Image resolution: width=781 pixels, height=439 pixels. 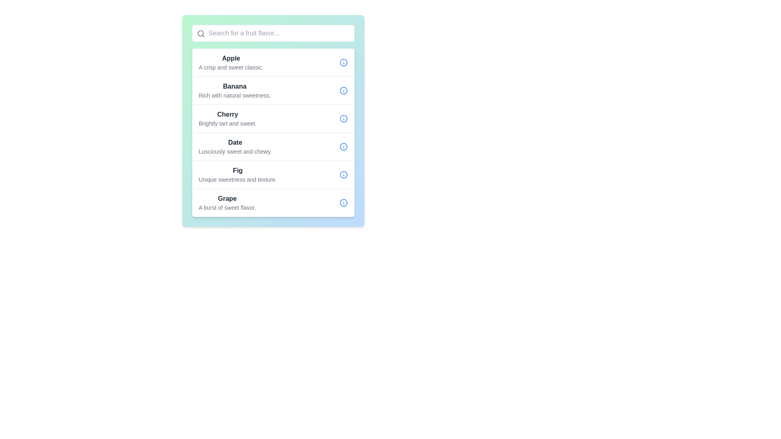 What do you see at coordinates (343, 91) in the screenshot?
I see `the circular blue icon with an 'info' symbol located to the right of the 'Banana' list item` at bounding box center [343, 91].